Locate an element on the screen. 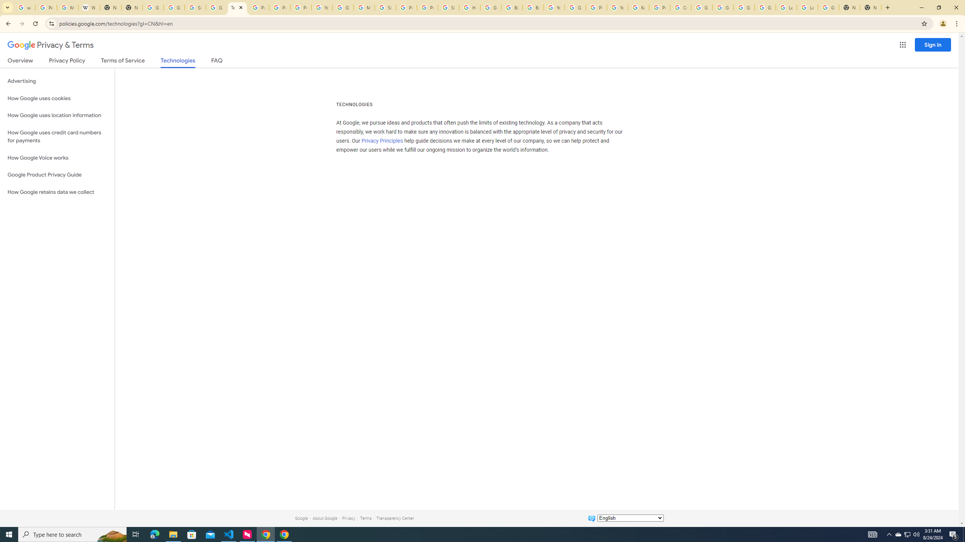 This screenshot has width=965, height=542. 'How Google uses cookies' is located at coordinates (57, 98).